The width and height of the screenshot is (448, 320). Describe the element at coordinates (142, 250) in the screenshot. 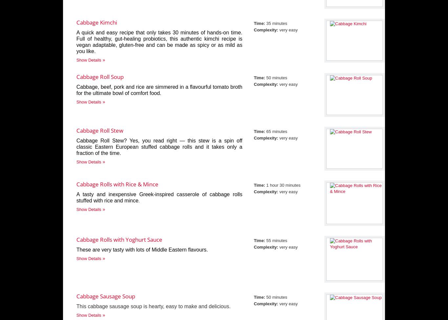

I see `'These are very tasty with lots of Middle Eastern flavours.'` at that location.